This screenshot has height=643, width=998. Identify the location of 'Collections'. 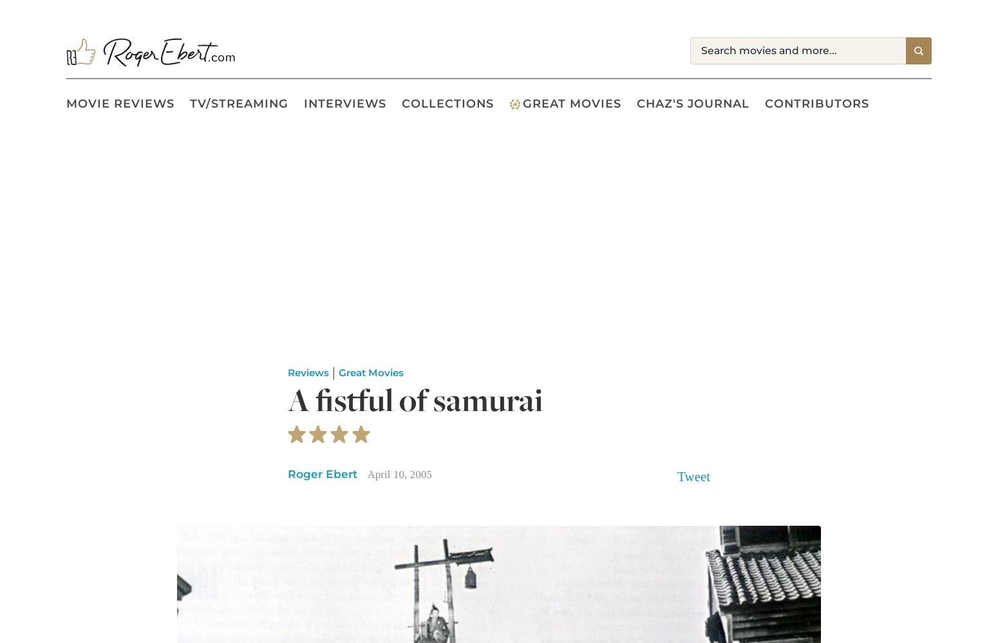
(447, 102).